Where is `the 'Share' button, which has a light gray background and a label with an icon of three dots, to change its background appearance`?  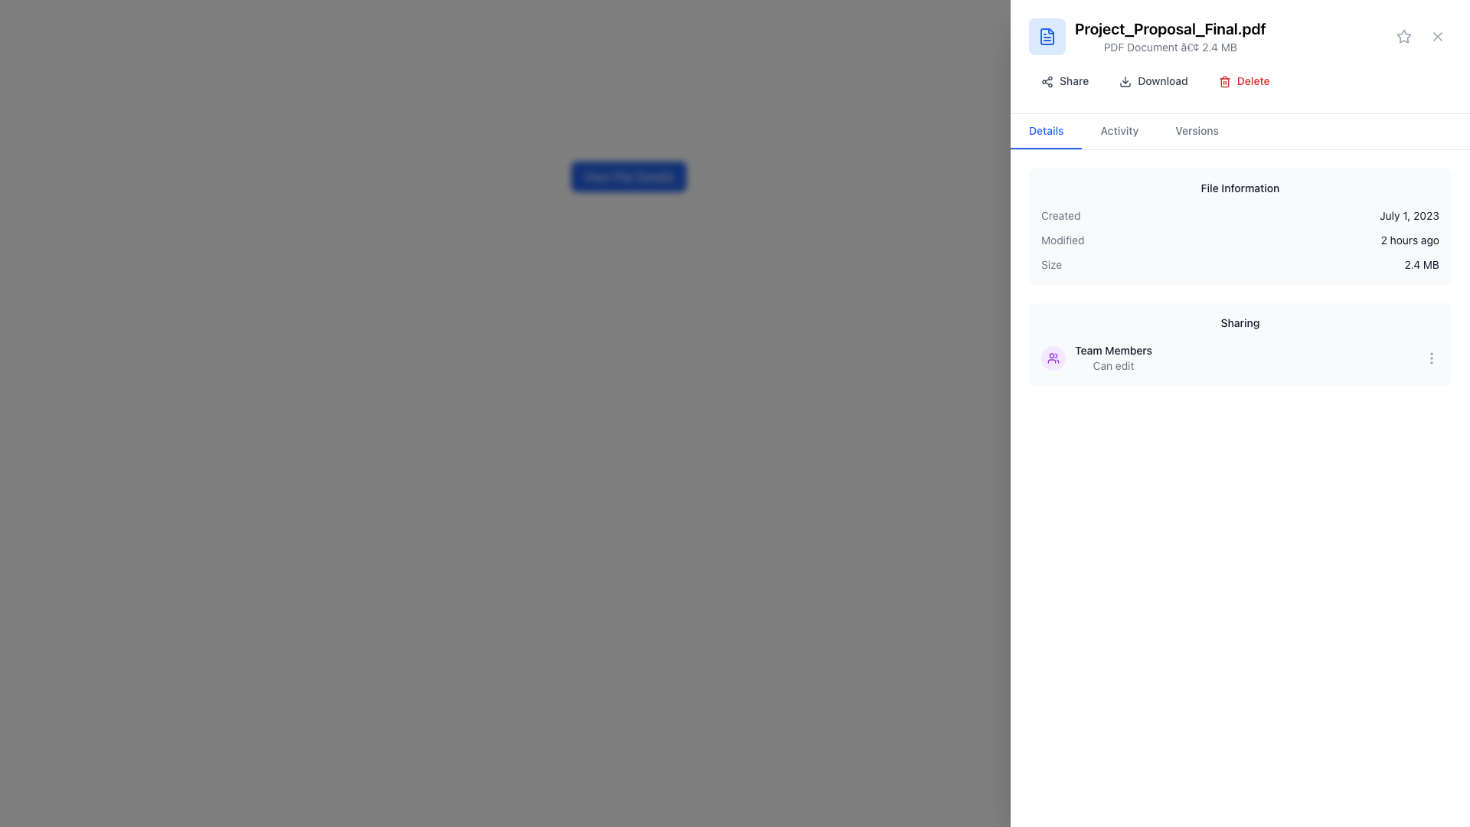
the 'Share' button, which has a light gray background and a label with an icon of three dots, to change its background appearance is located at coordinates (1064, 80).